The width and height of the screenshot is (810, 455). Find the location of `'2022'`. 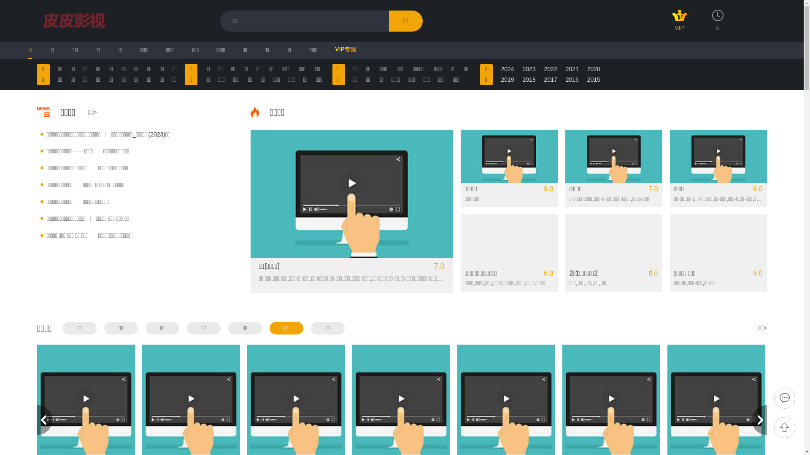

'2022' is located at coordinates (544, 69).